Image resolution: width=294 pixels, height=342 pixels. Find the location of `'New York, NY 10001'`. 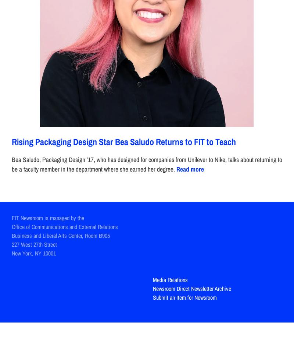

'New York, NY 10001' is located at coordinates (34, 253).